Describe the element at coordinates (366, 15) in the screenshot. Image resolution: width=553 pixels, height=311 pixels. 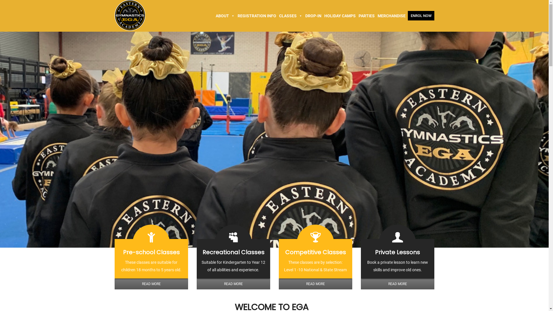
I see `'PARTIES'` at that location.